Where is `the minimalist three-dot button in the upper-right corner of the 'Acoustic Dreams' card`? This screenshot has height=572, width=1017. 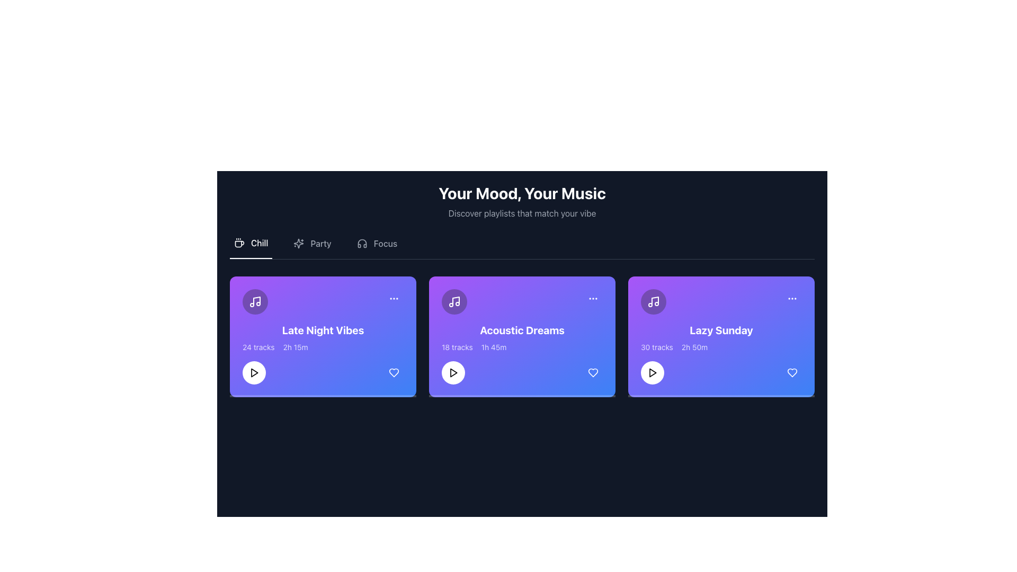 the minimalist three-dot button in the upper-right corner of the 'Acoustic Dreams' card is located at coordinates (592, 298).